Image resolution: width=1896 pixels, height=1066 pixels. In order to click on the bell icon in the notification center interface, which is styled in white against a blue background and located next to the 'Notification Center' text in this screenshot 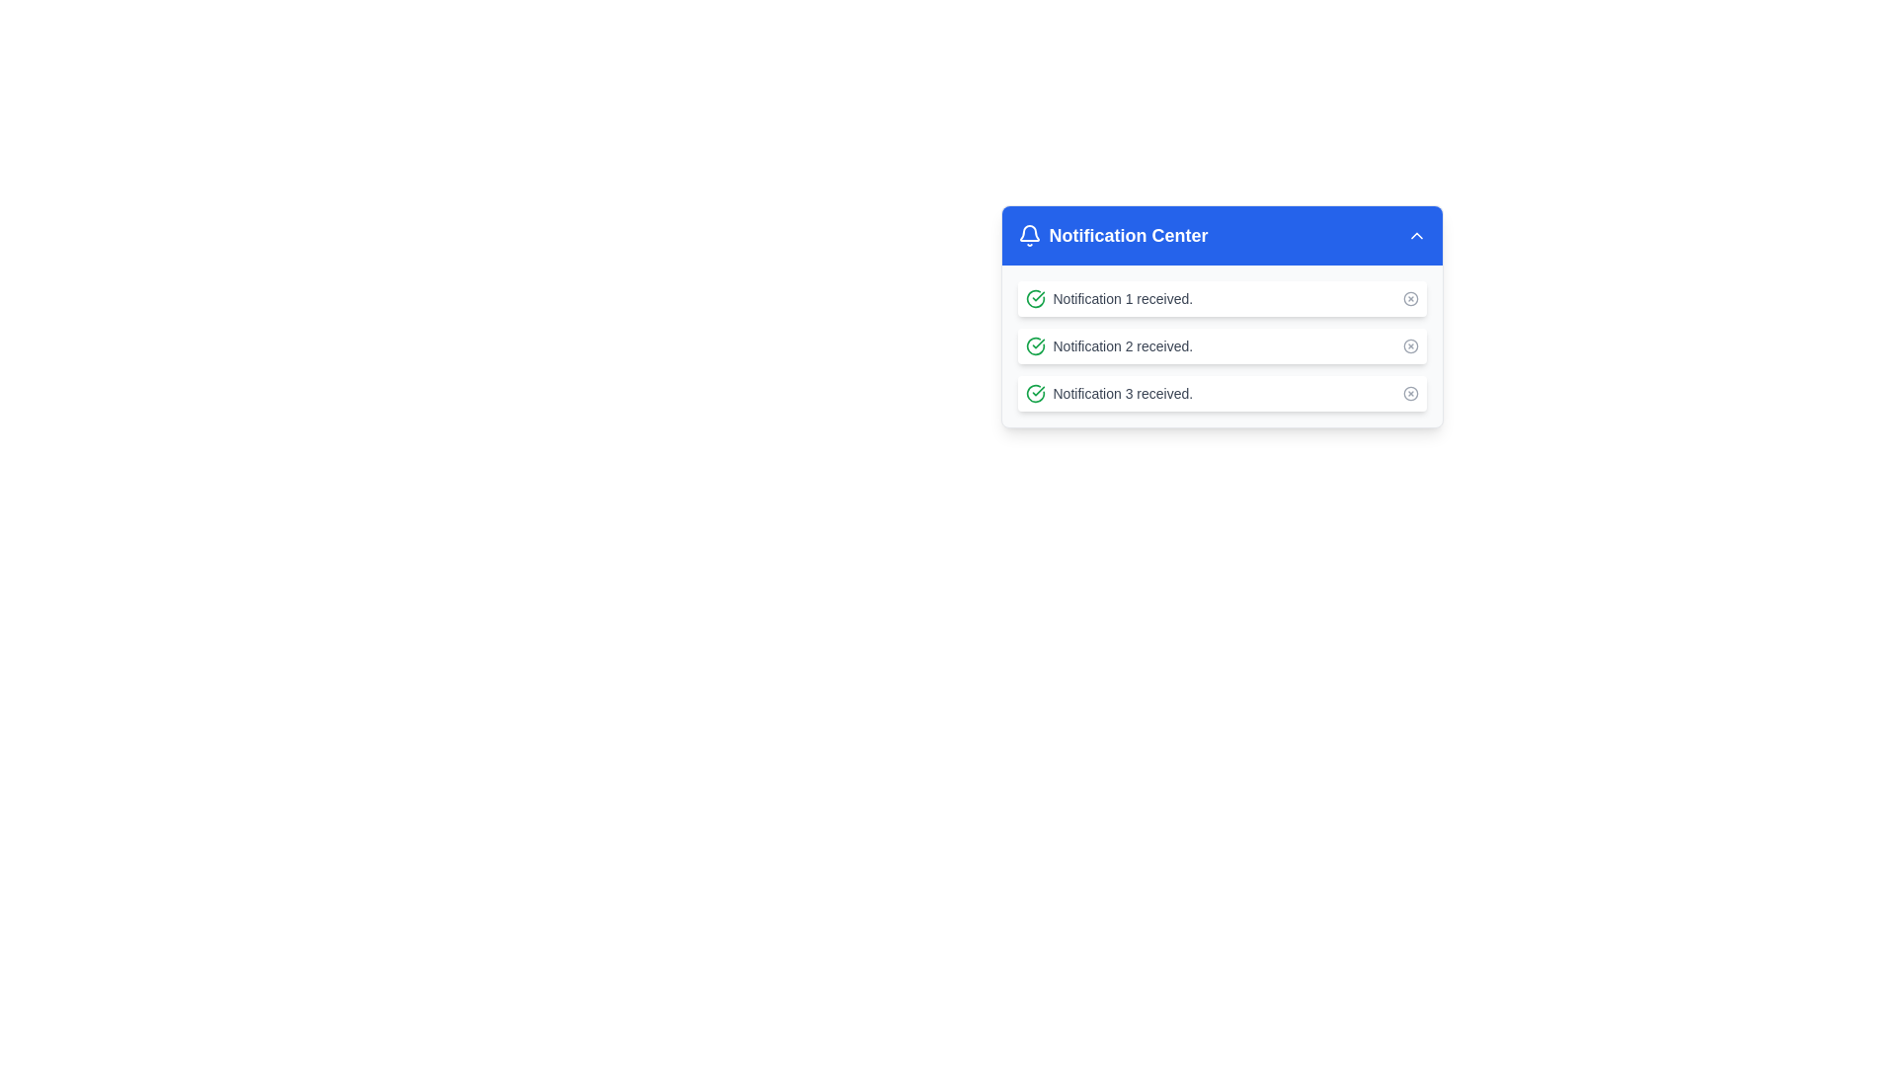, I will do `click(1028, 232)`.